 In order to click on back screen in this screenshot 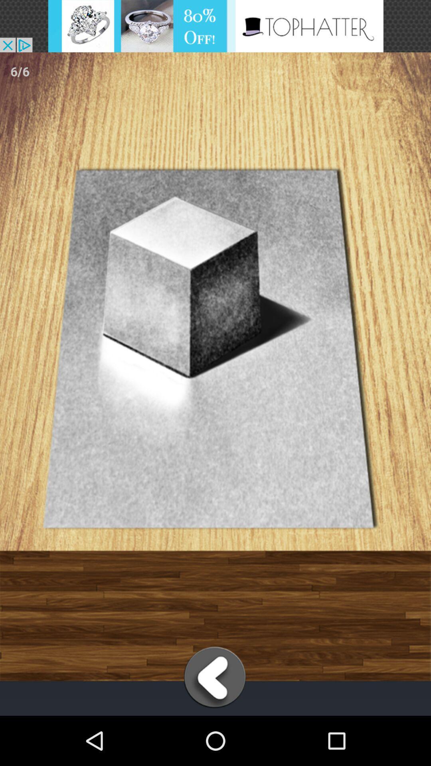, I will do `click(215, 677)`.